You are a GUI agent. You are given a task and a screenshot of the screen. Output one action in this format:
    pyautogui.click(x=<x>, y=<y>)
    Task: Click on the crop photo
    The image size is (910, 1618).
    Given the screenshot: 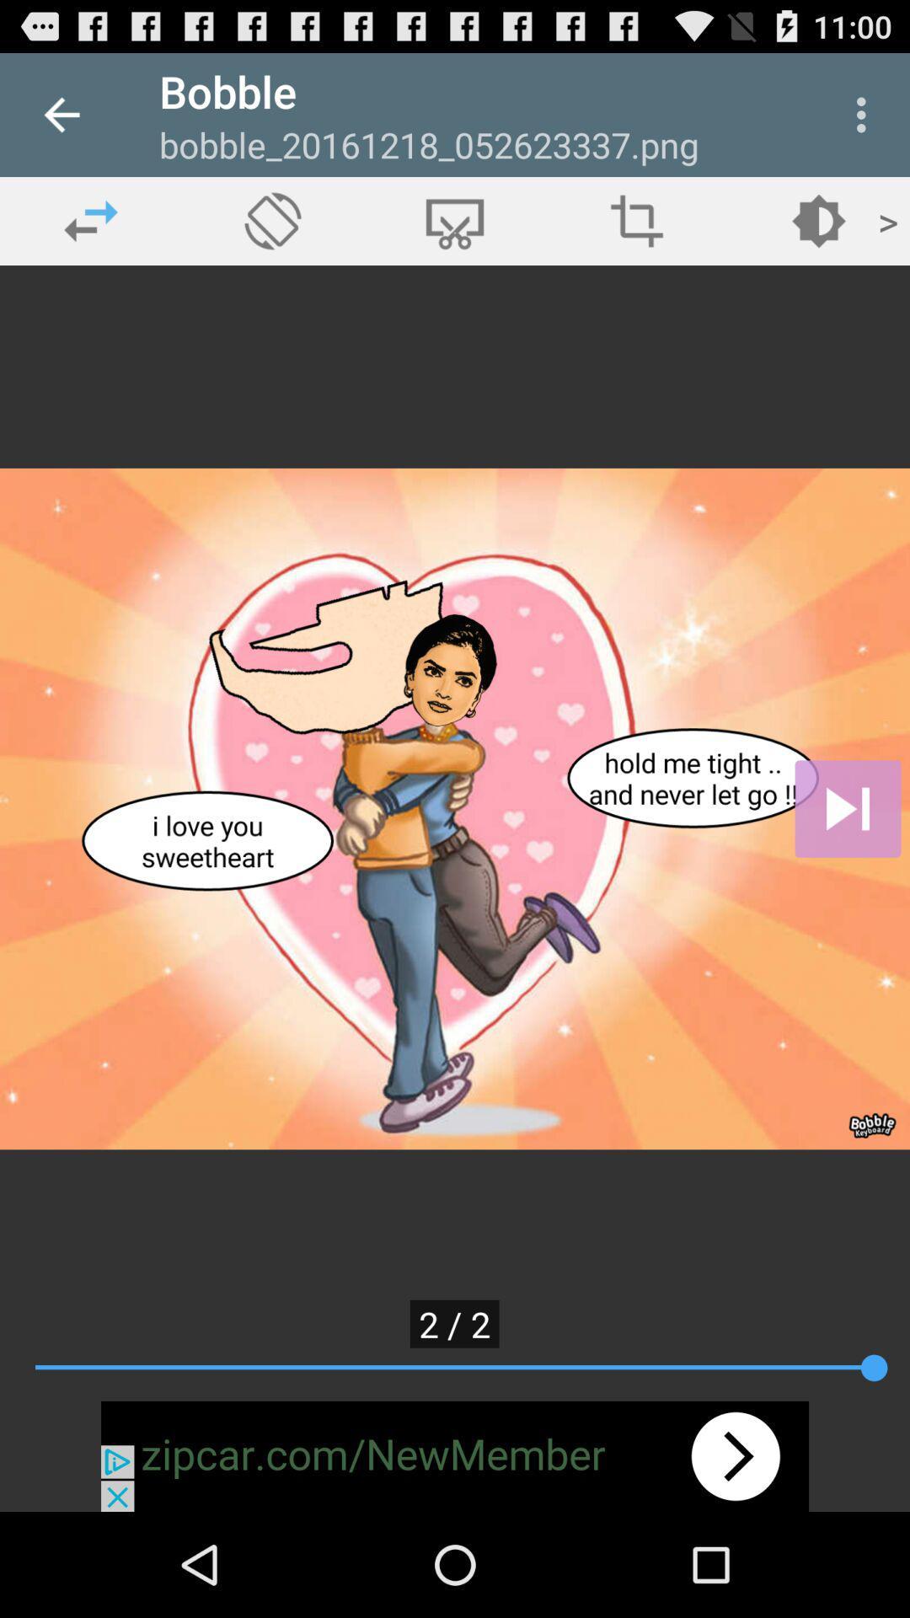 What is the action you would take?
    pyautogui.click(x=637, y=220)
    